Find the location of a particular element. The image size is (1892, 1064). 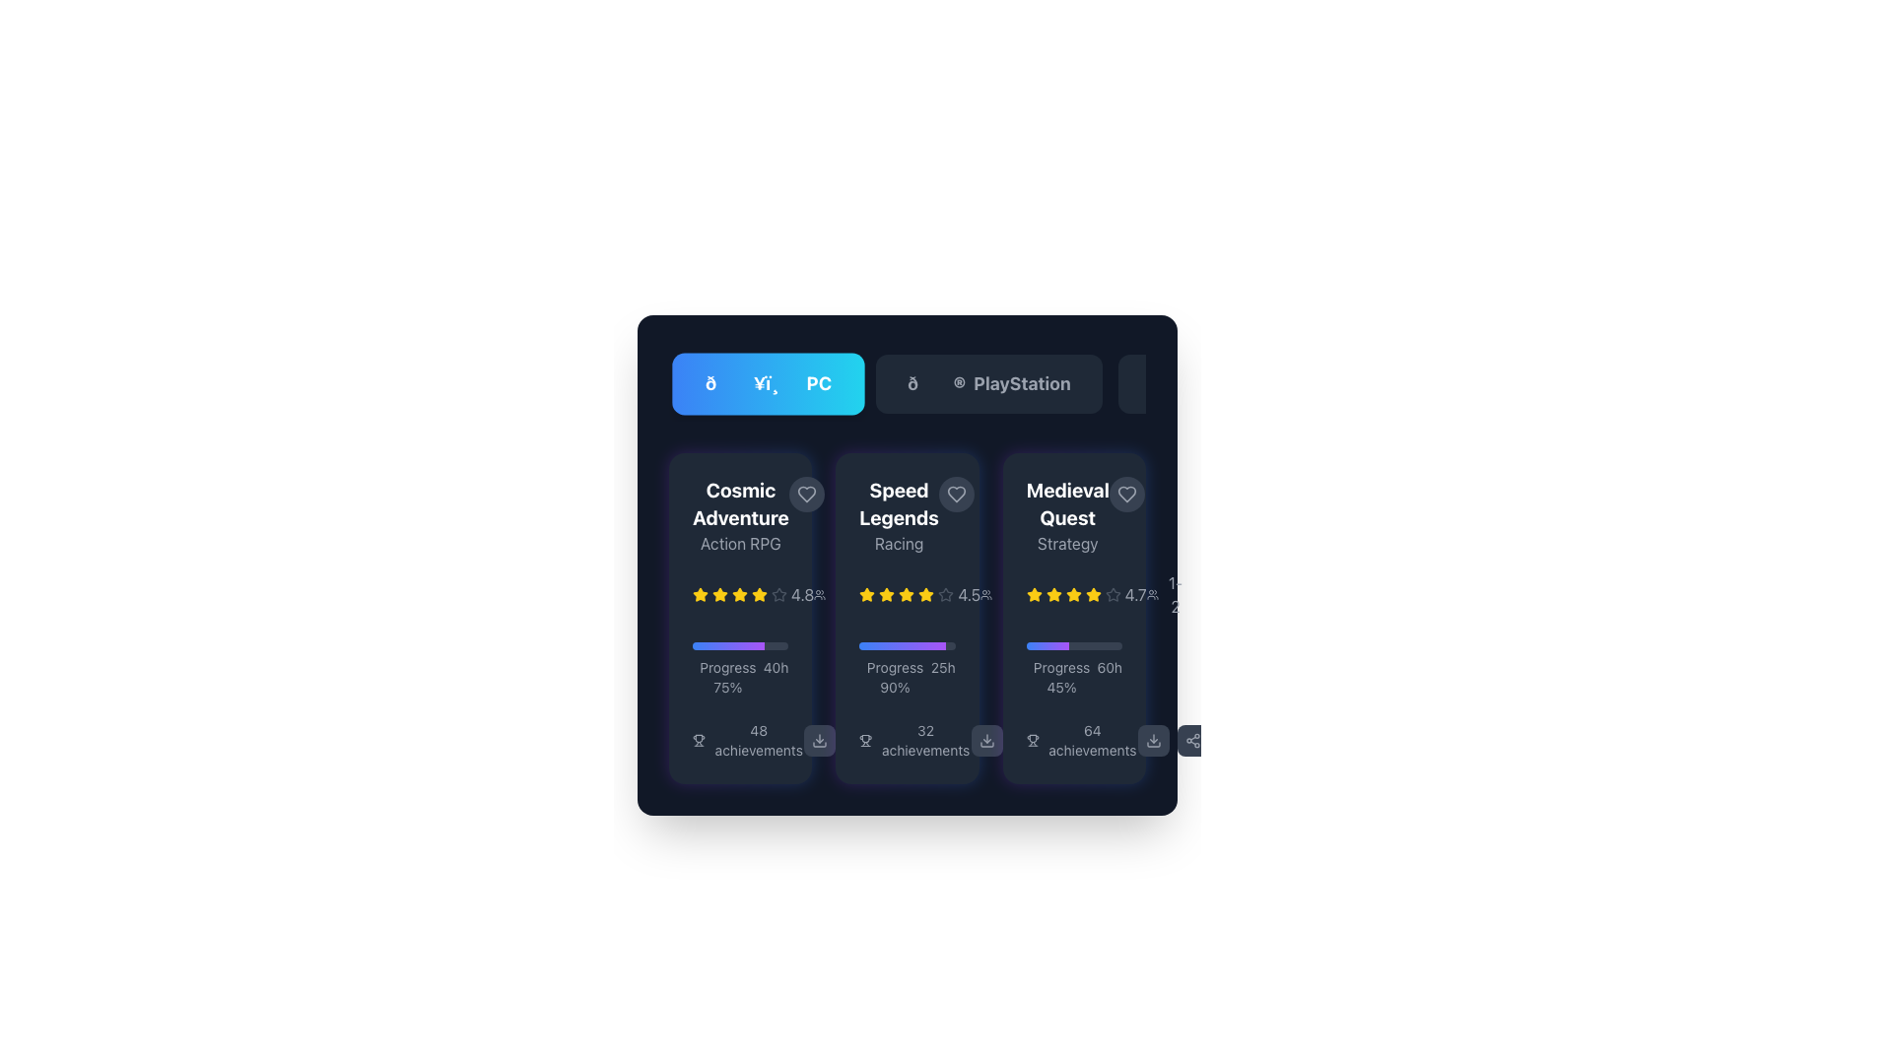

the text label displaying the rating value '4.7' located in the 'Medieval Quest' card, which is in the third column and positioned to the right of the star icons is located at coordinates (1135, 594).